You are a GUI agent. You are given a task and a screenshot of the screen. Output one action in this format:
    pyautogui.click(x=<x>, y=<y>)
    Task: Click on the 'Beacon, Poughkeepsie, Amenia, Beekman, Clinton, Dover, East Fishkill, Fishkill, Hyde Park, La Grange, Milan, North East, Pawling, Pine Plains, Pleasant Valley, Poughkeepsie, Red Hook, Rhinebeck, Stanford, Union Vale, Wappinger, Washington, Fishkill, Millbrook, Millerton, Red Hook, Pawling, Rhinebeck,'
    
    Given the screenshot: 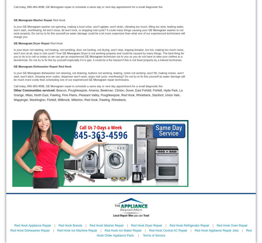 What is the action you would take?
    pyautogui.click(x=98, y=95)
    